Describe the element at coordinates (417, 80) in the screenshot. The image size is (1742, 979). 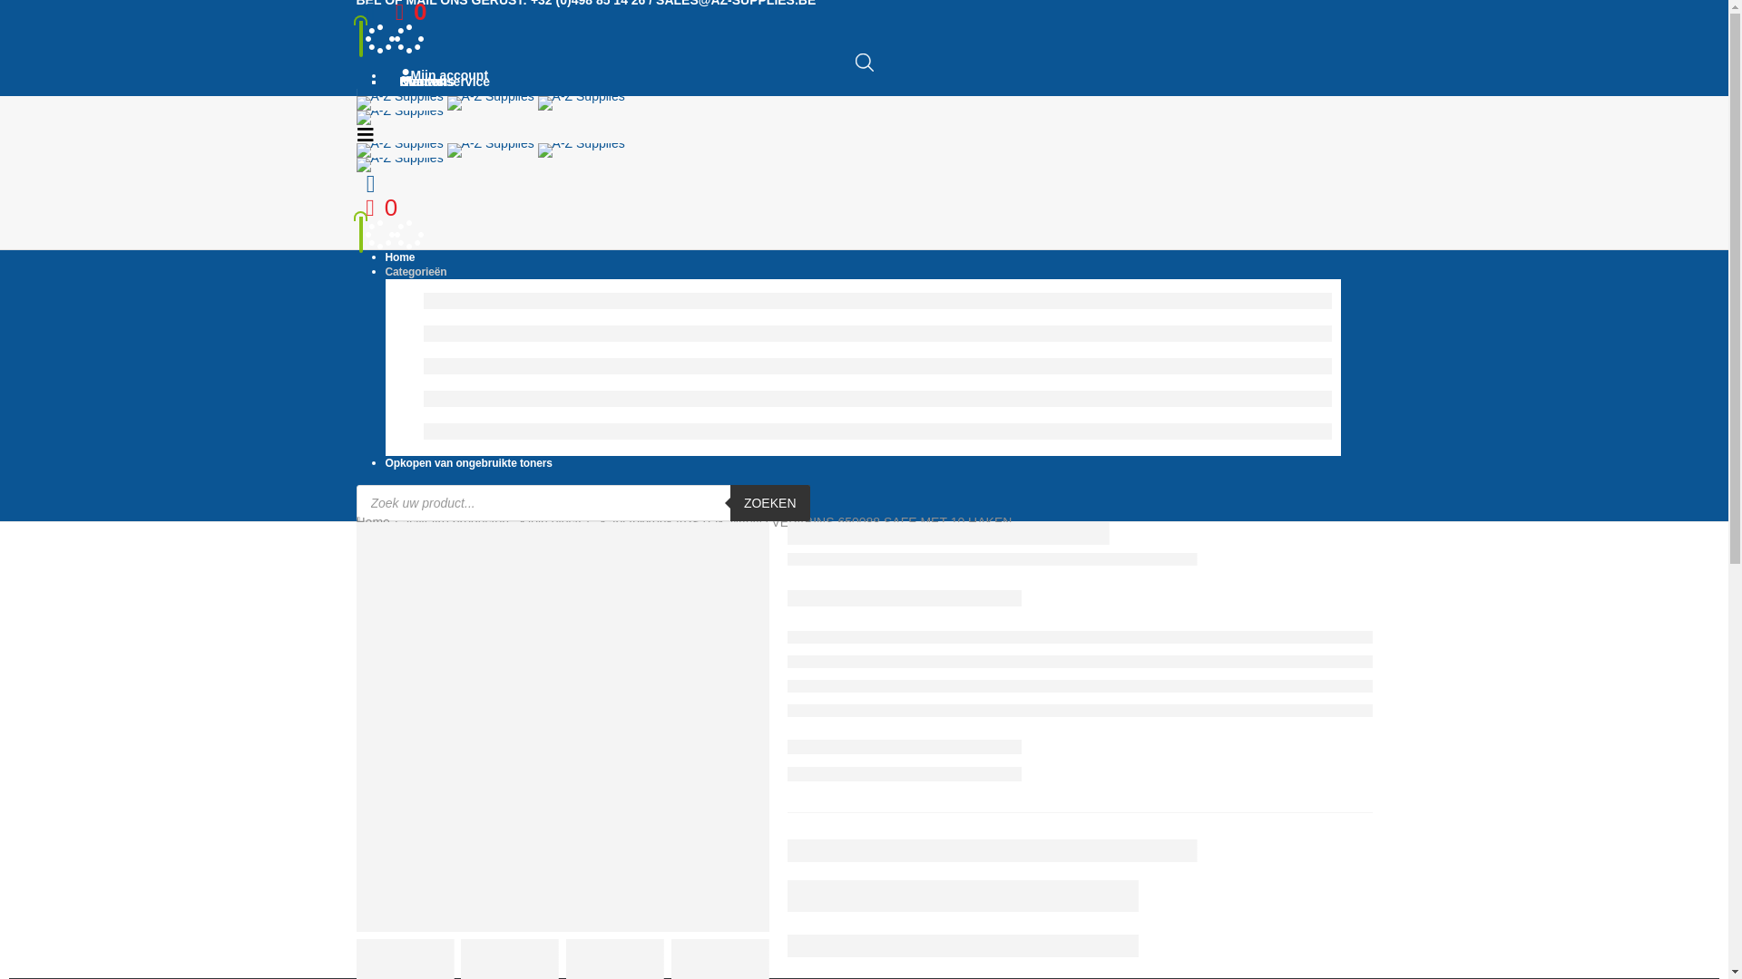
I see `'Contact'` at that location.